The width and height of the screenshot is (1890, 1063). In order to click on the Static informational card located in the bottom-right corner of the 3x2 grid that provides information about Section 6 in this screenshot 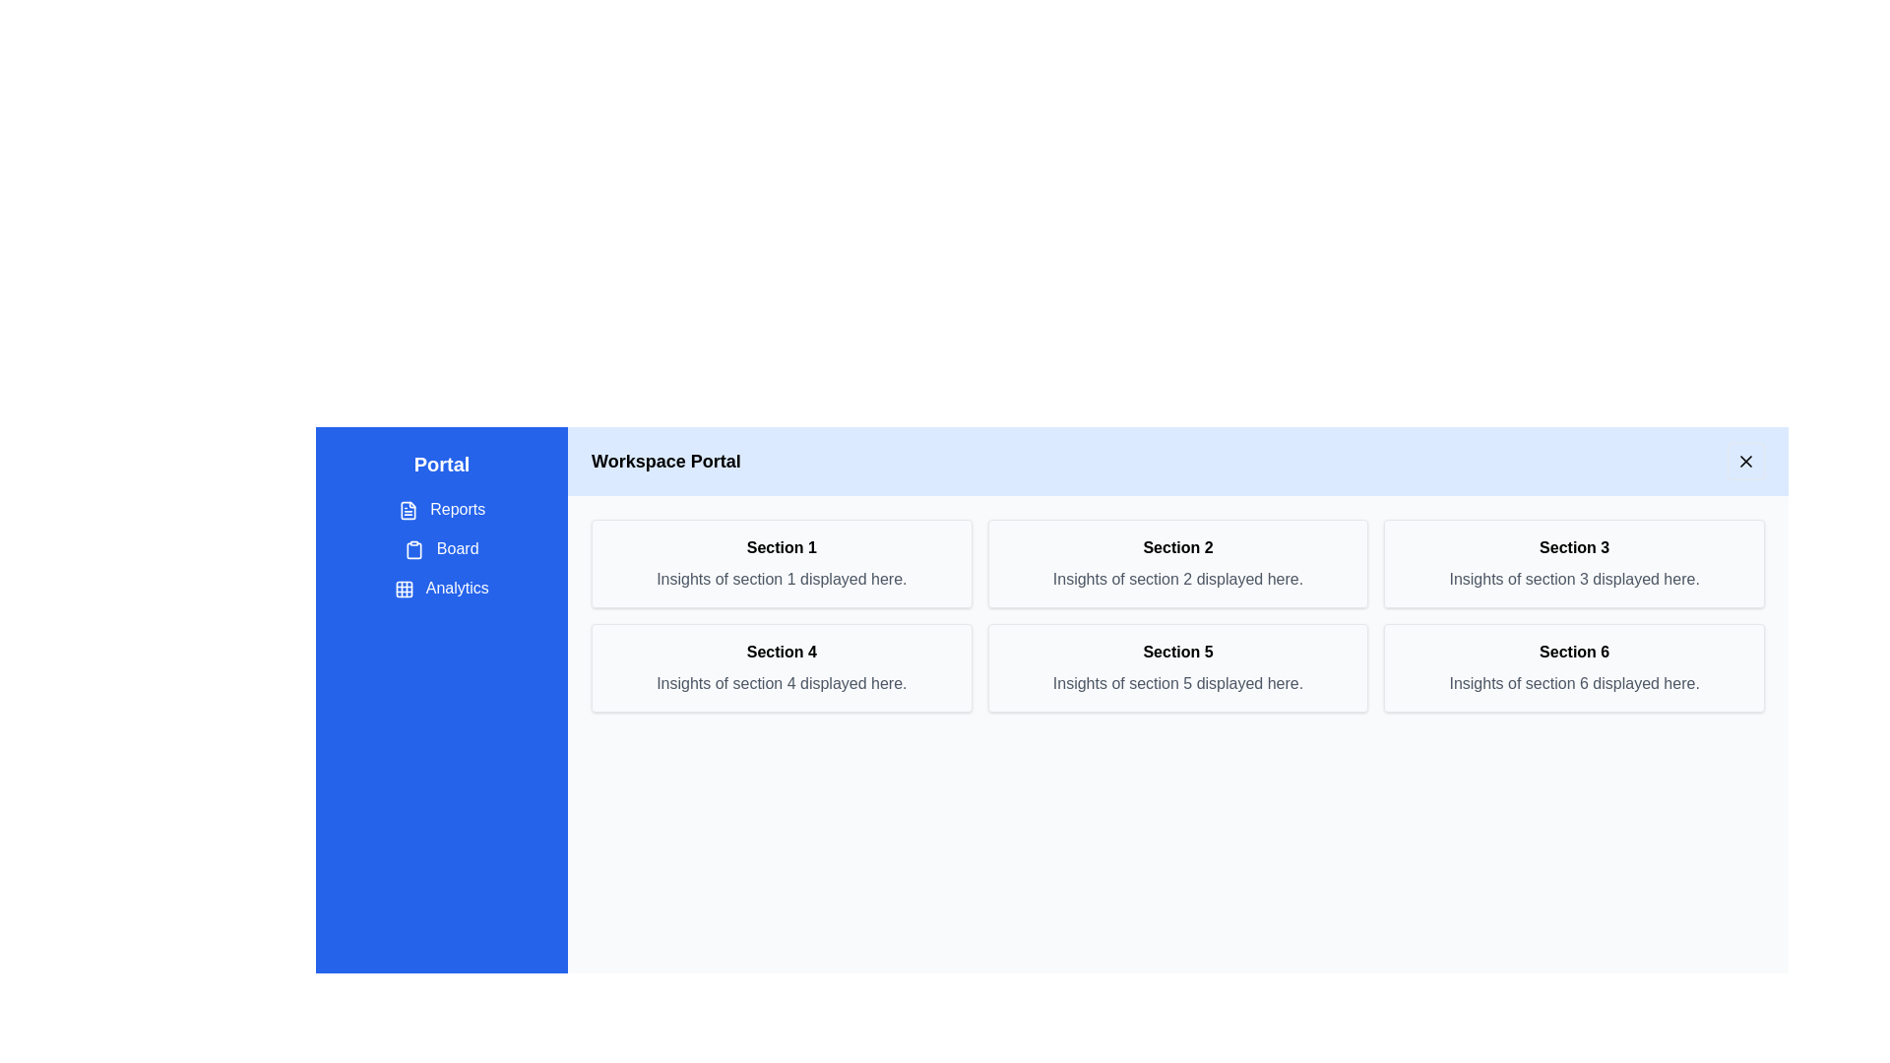, I will do `click(1573, 666)`.